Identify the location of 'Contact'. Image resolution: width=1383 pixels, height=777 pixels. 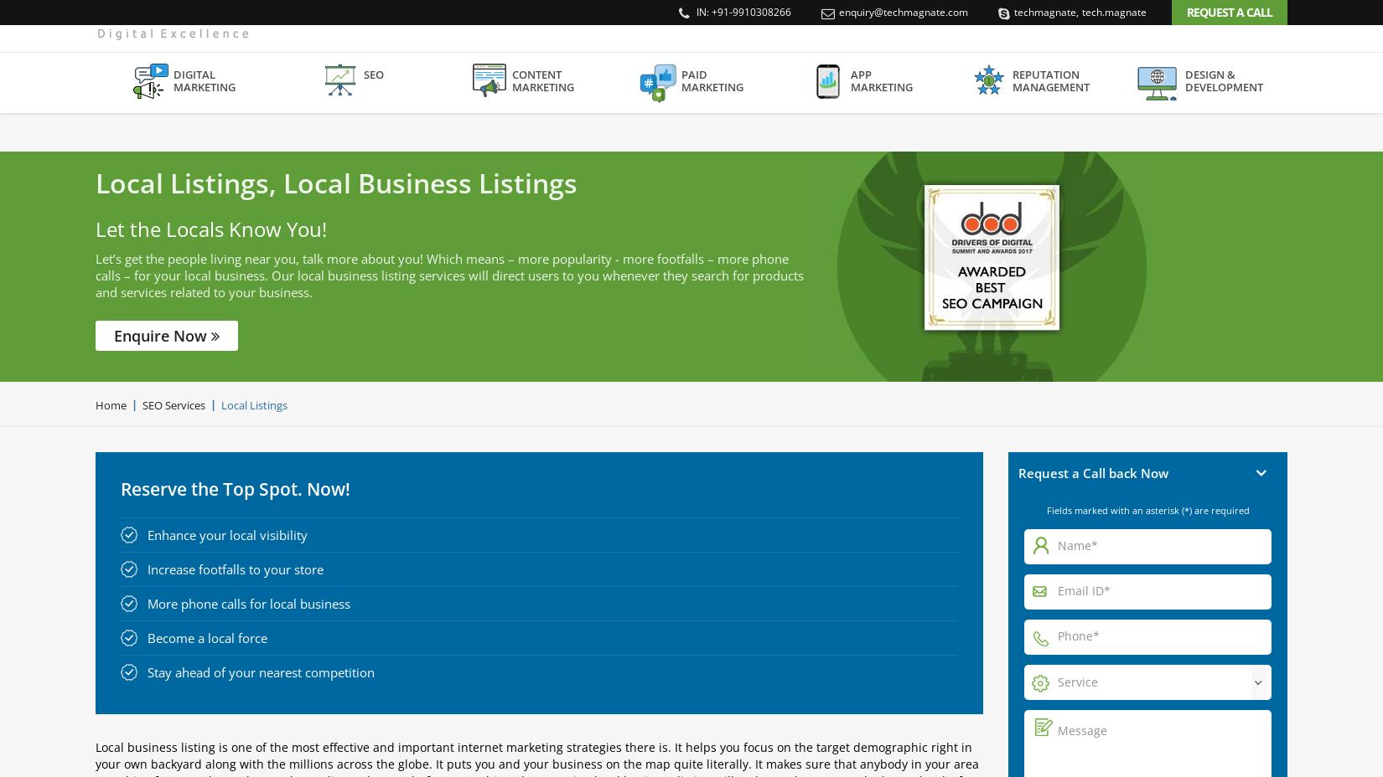
(1261, 57).